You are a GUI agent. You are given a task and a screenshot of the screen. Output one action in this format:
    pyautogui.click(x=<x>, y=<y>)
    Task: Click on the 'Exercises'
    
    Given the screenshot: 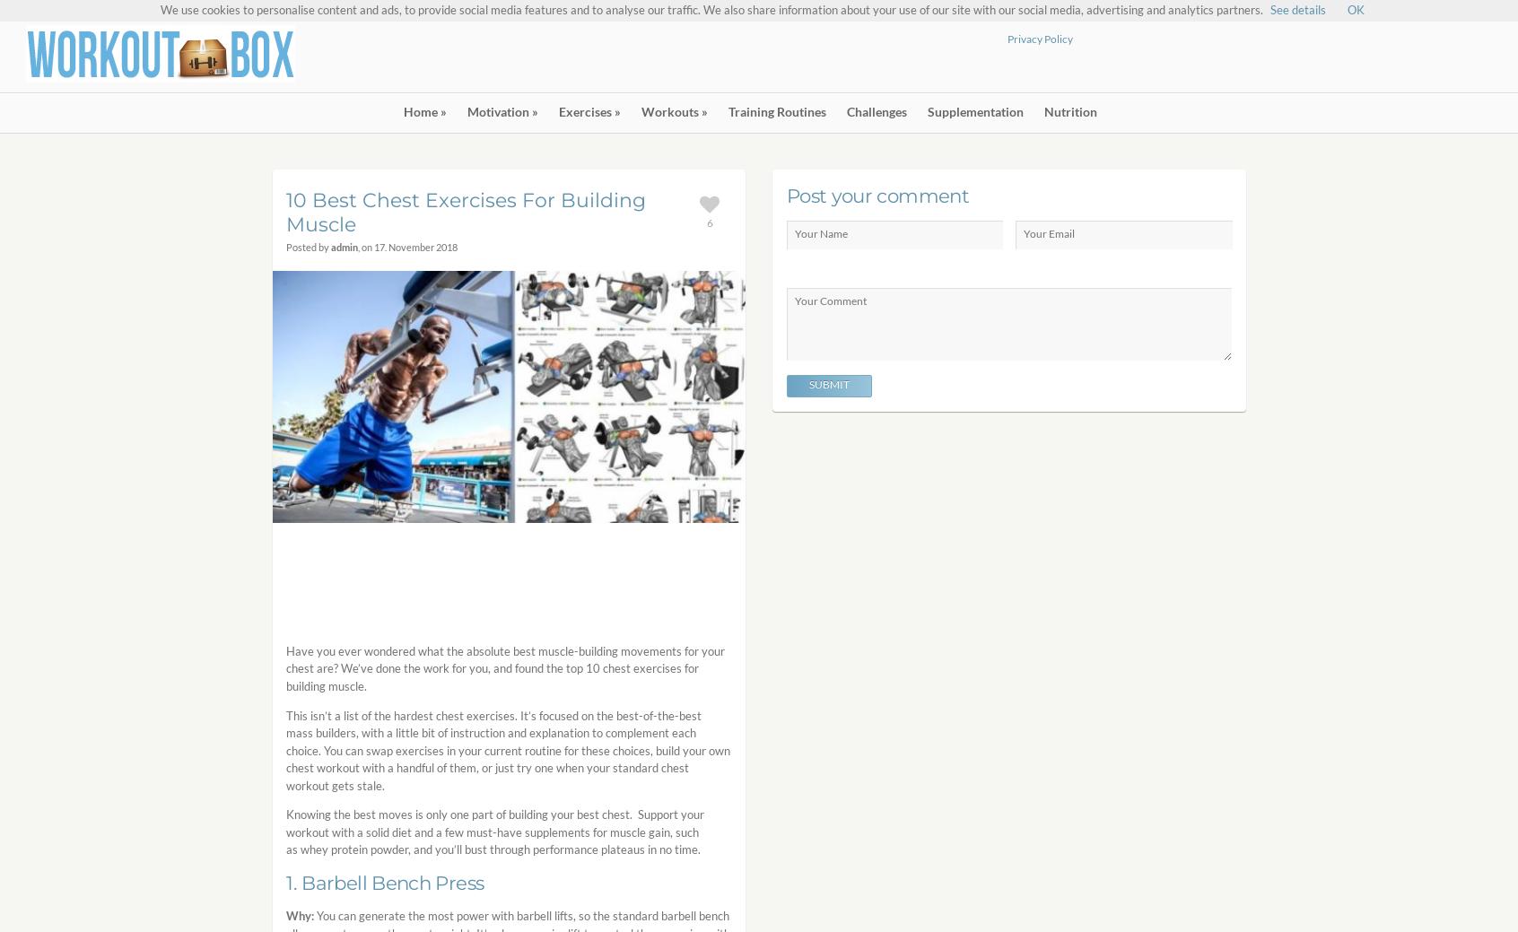 What is the action you would take?
    pyautogui.click(x=584, y=110)
    